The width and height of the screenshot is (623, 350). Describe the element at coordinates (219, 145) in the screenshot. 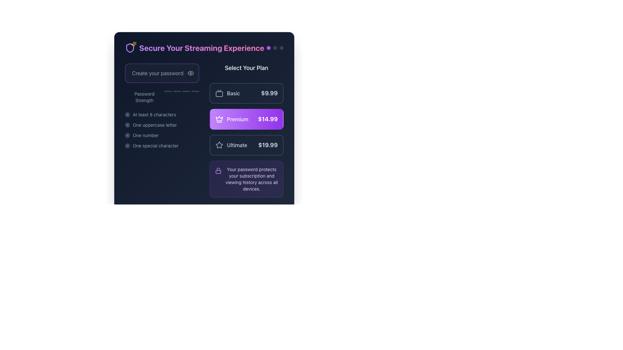

I see `the star-shaped icon outlined in light slate color, located to the left of the text 'Ultimate' and adjacent to the pricing detail '$19.99'` at that location.